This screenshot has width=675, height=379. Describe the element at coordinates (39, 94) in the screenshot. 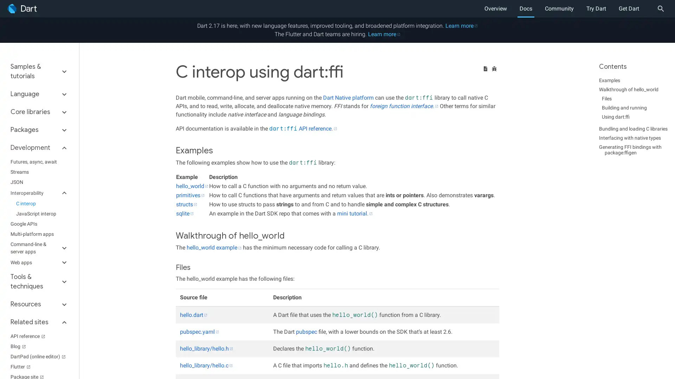

I see `Language keyboard_arrow_down` at that location.